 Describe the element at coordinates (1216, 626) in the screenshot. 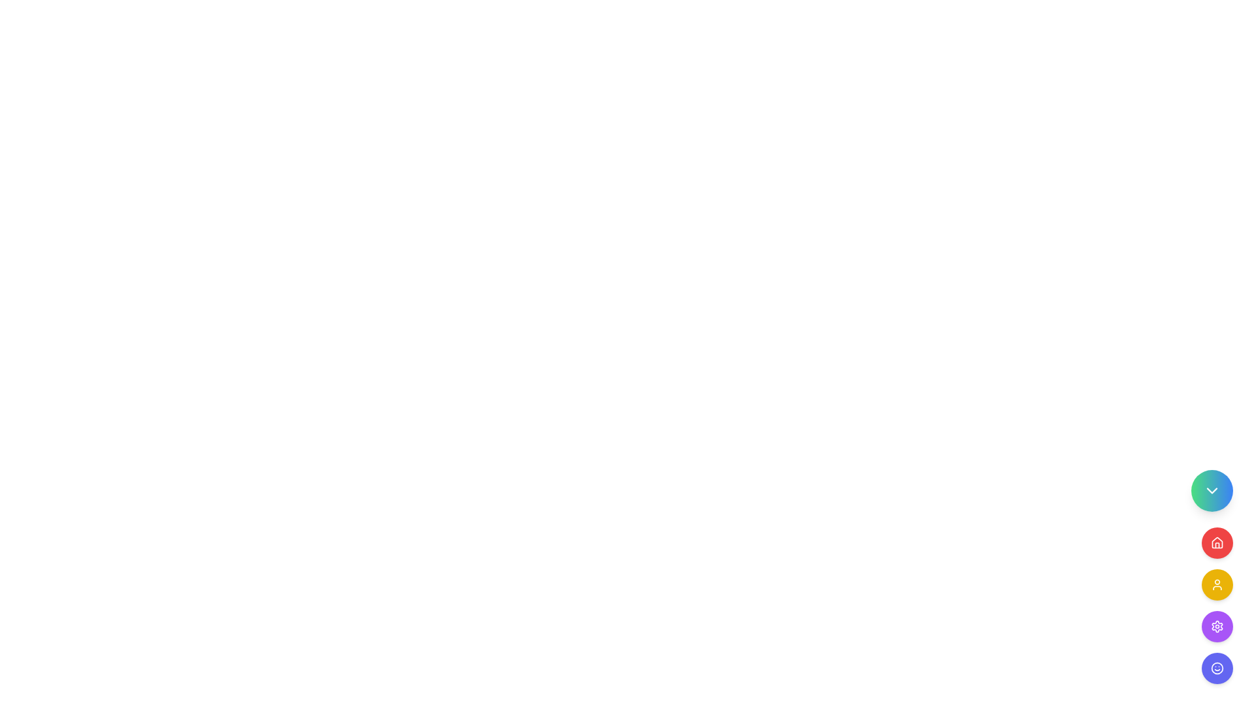

I see `the circular settings button with a purple background and gear icon located at the right side of the interface, positioned between the yellow user icon button and the blue smiling face button` at that location.